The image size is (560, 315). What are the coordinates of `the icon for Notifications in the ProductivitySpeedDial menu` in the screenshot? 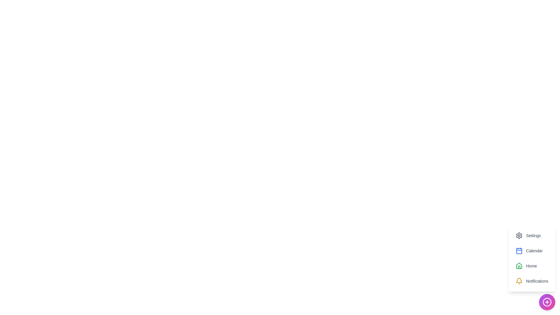 It's located at (519, 281).